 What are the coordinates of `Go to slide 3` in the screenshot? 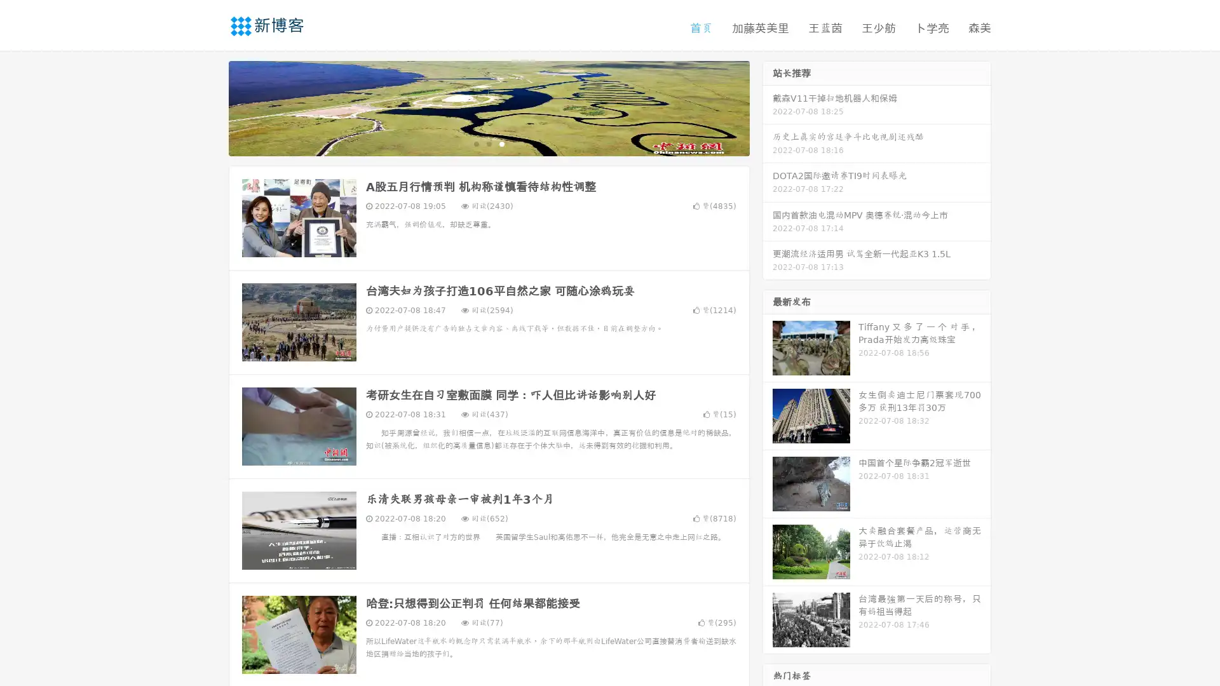 It's located at (501, 143).